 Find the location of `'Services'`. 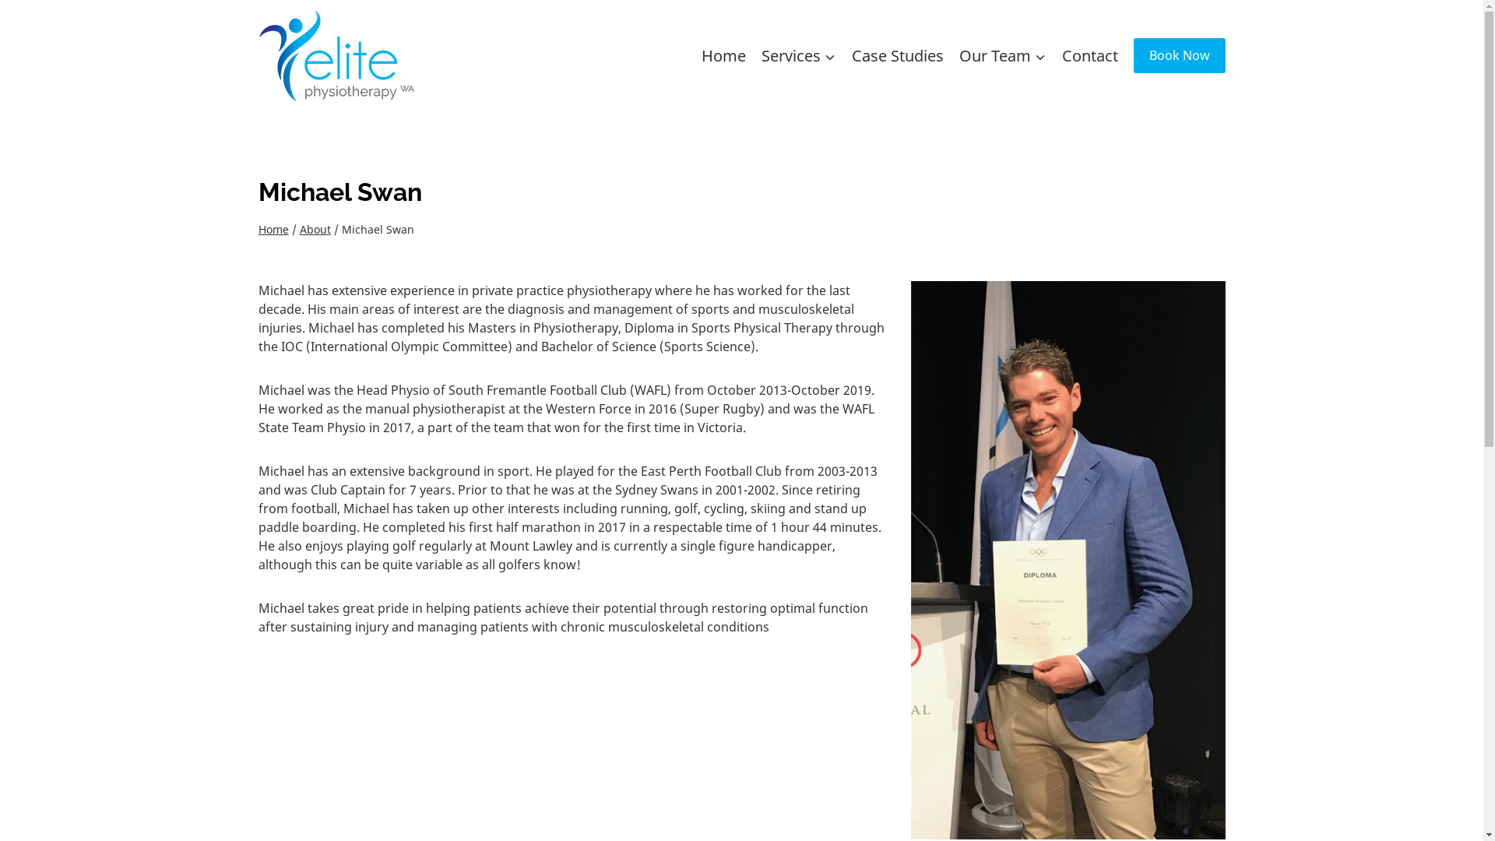

'Services' is located at coordinates (754, 54).